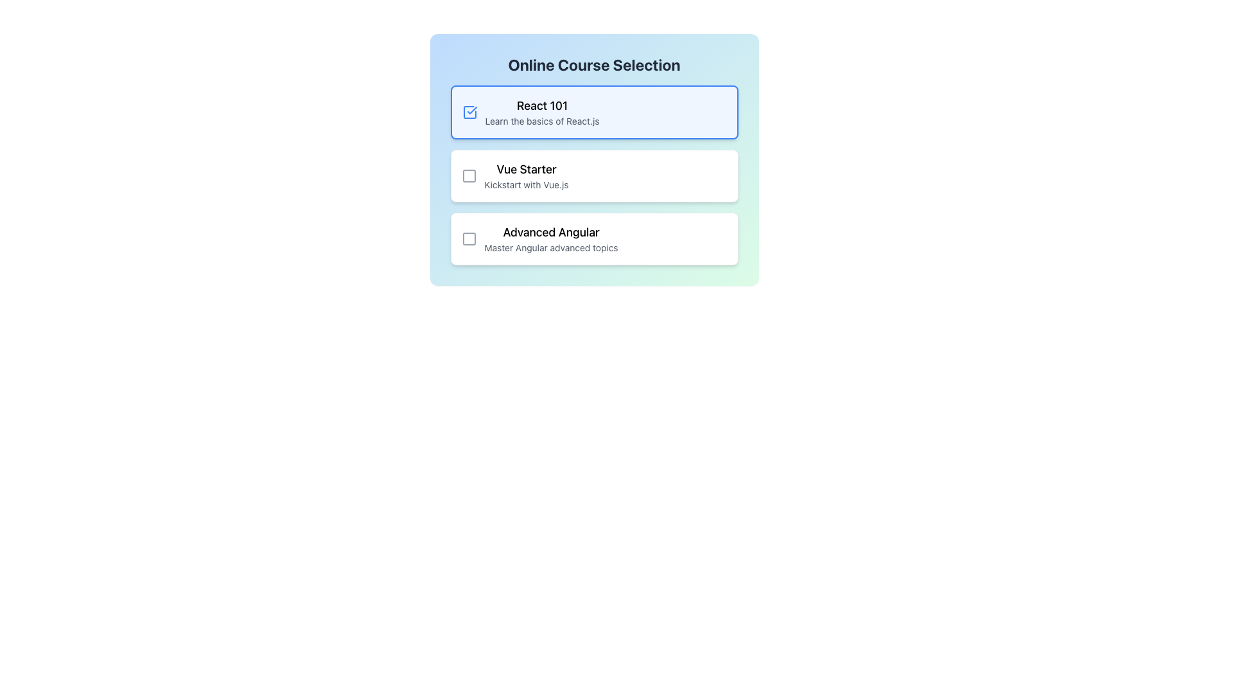 The height and width of the screenshot is (694, 1233). I want to click on text label that indicates the course title and provides a brief summary of its content, located in the first selection card of the 'Online Course Selection' list, to the right of a checkbox, so click(542, 111).